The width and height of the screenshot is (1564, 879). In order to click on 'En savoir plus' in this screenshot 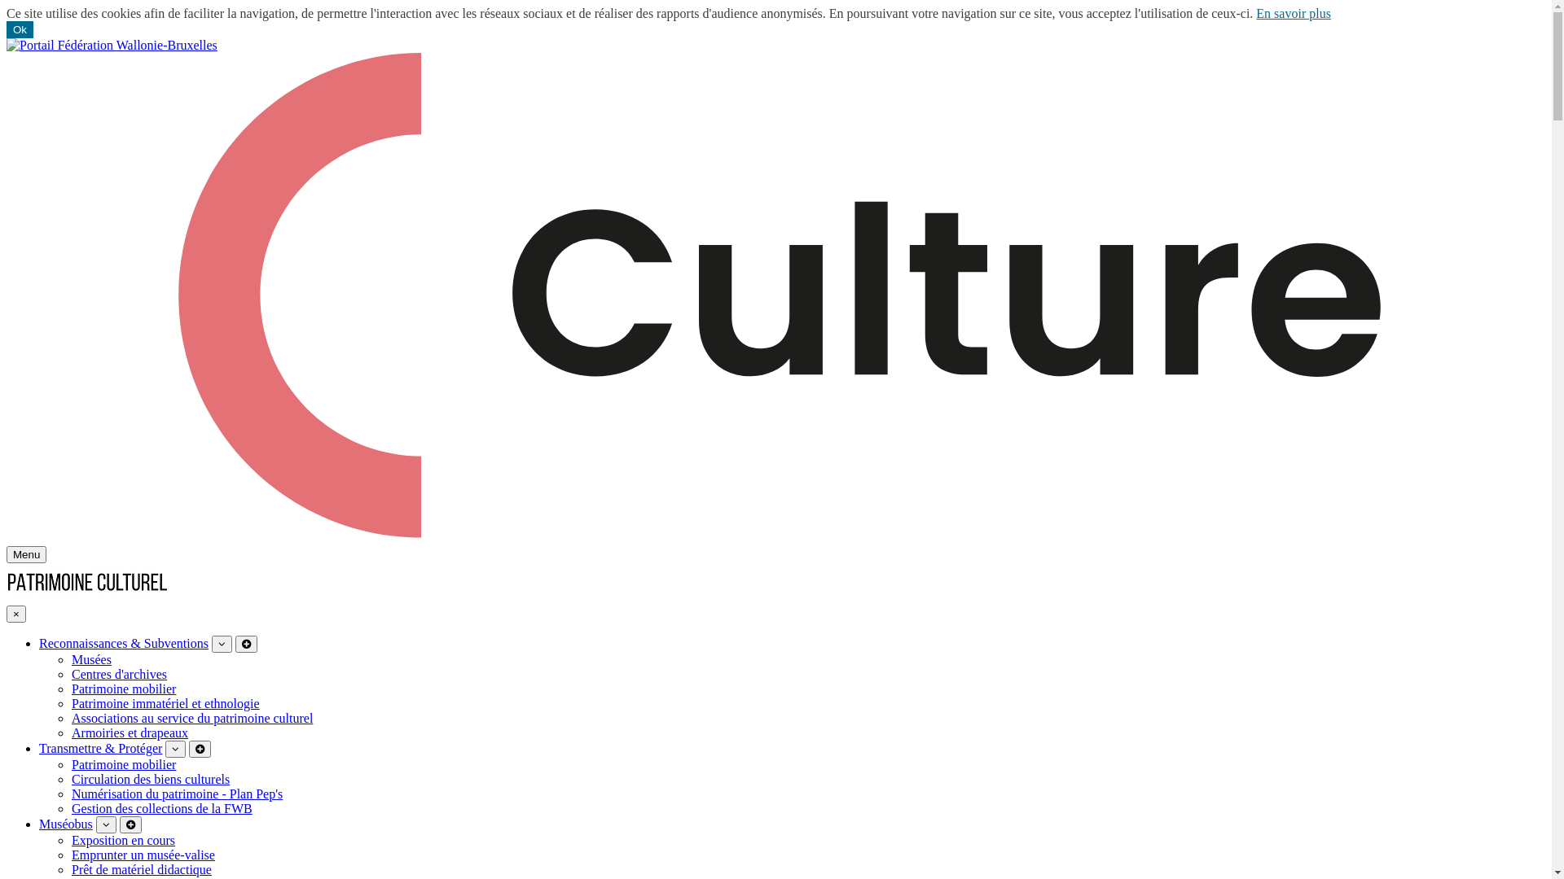, I will do `click(1293, 13)`.